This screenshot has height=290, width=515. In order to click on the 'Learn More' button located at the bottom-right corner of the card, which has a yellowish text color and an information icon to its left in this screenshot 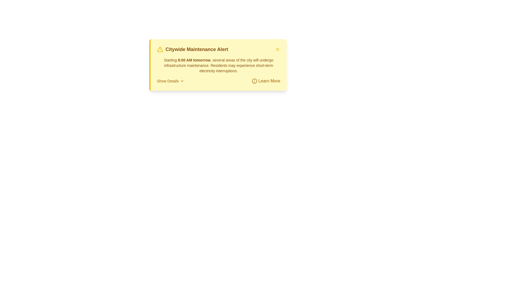, I will do `click(266, 81)`.